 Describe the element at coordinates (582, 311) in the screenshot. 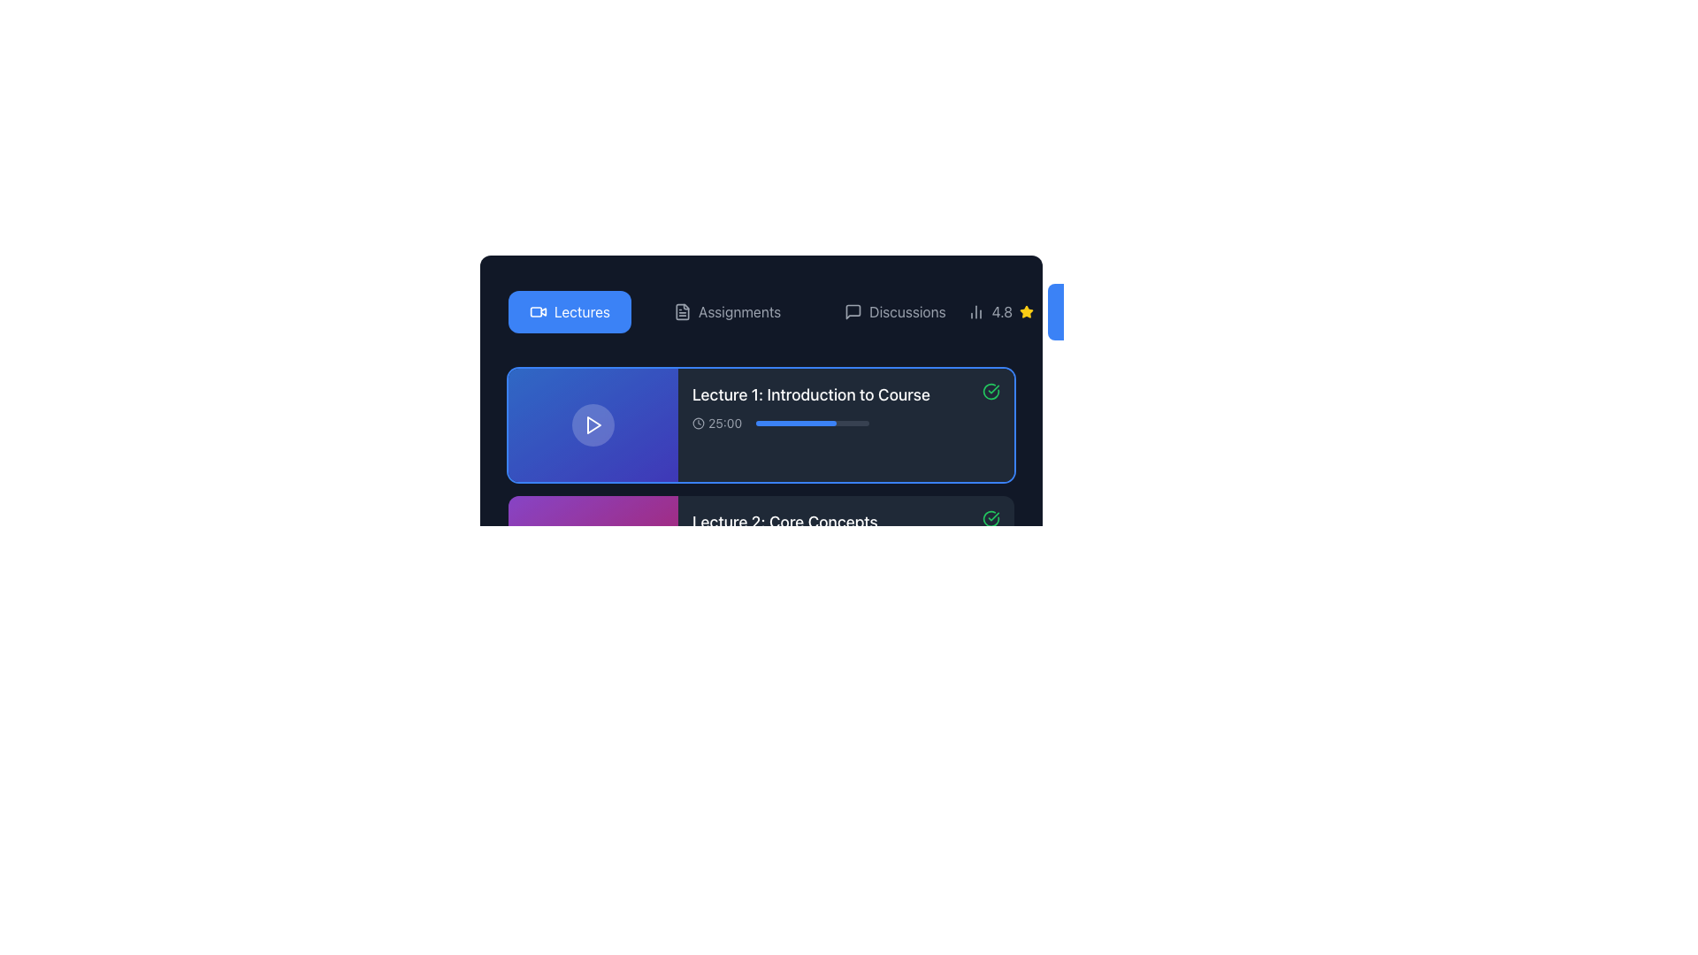

I see `the 'Lectures' text label, which is part of a vibrant blue button` at that location.